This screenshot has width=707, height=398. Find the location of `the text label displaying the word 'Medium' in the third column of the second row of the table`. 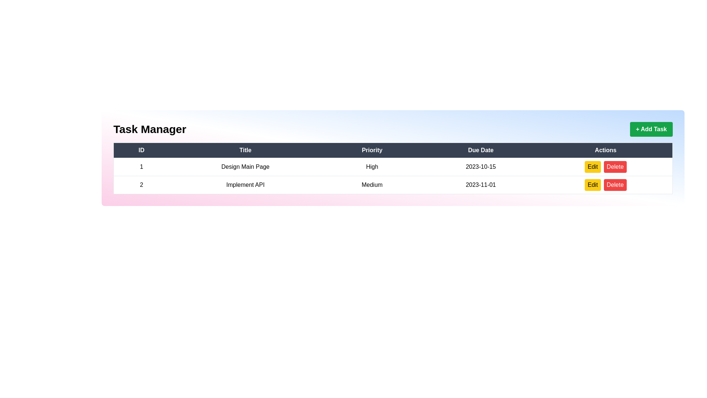

the text label displaying the word 'Medium' in the third column of the second row of the table is located at coordinates (372, 184).